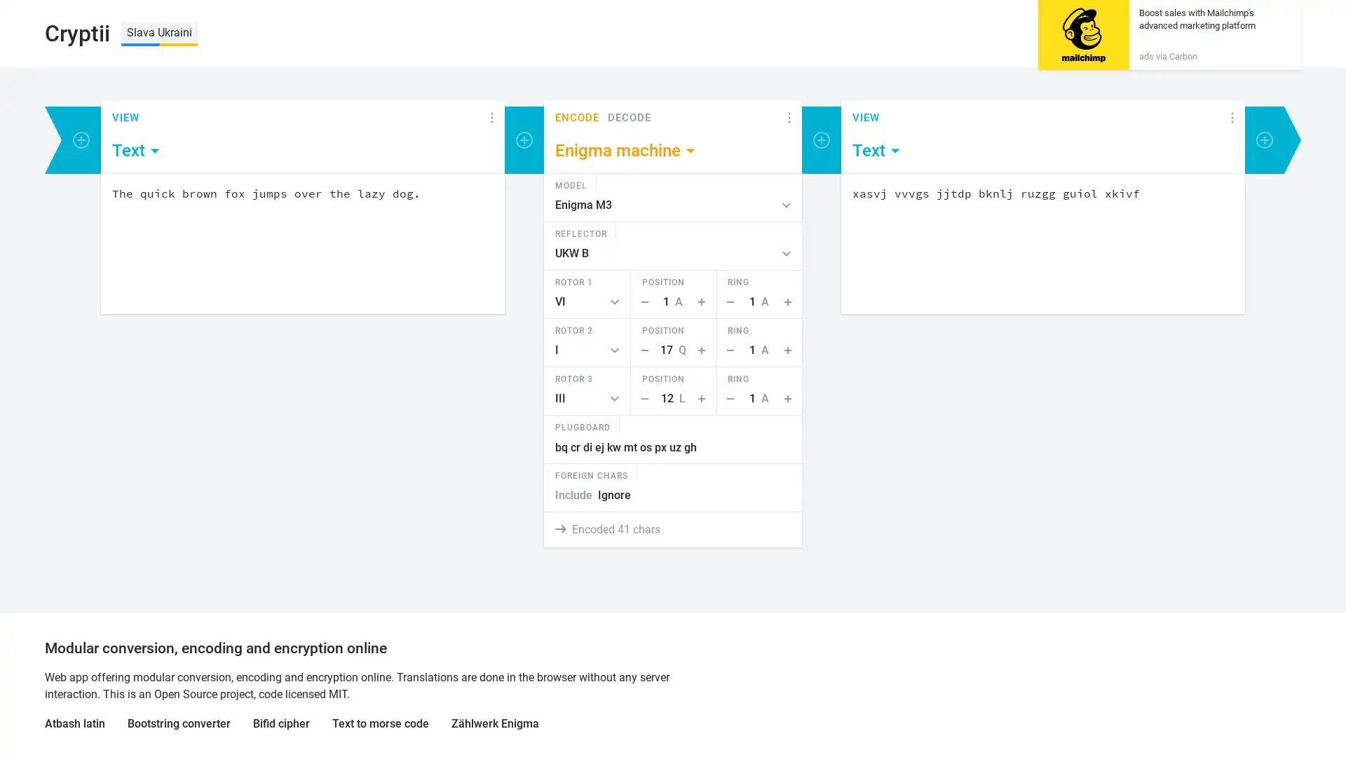 This screenshot has width=1346, height=757. I want to click on Step Down, so click(727, 399).